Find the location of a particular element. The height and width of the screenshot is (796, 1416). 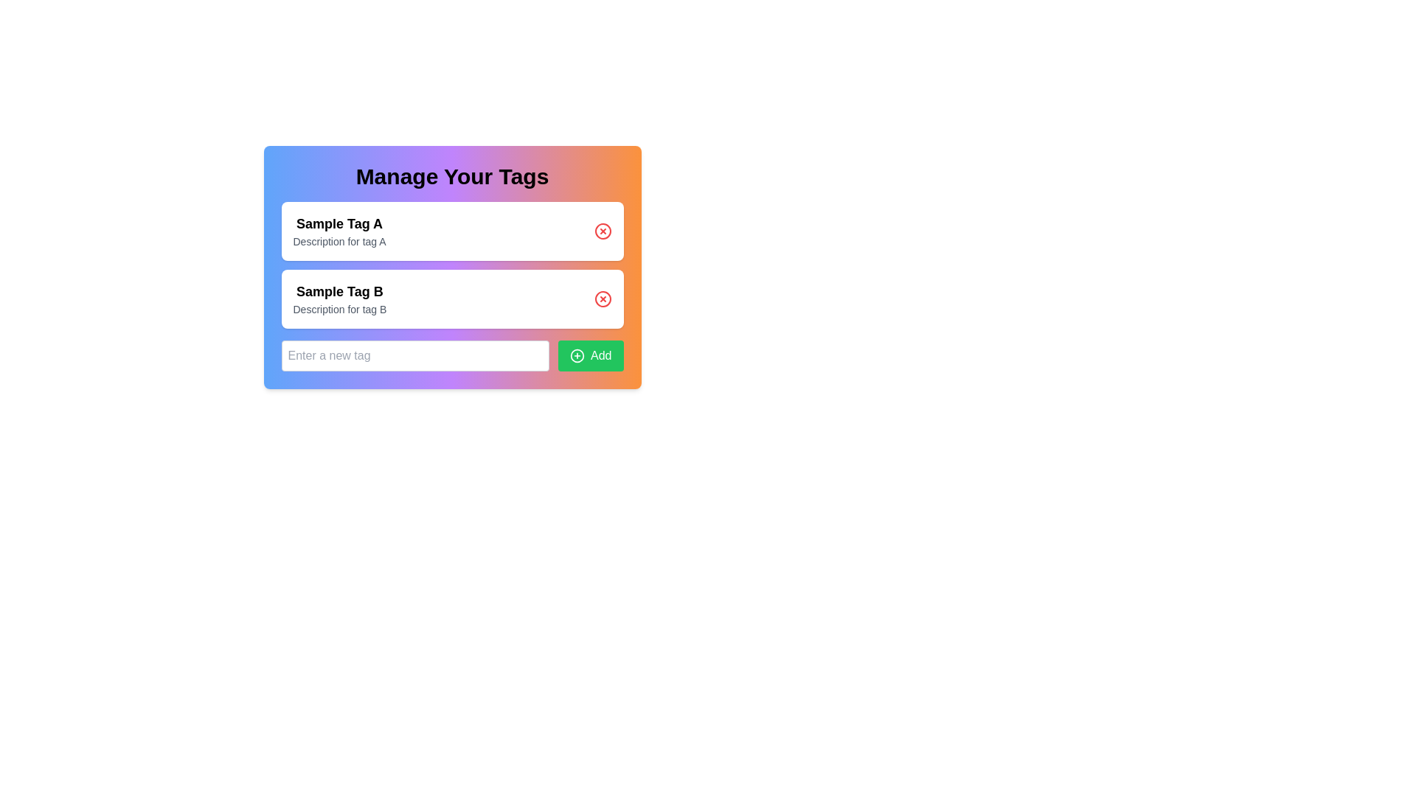

the button located at the bottom right of the form interface, which is used for adding new tags is located at coordinates (576, 355).